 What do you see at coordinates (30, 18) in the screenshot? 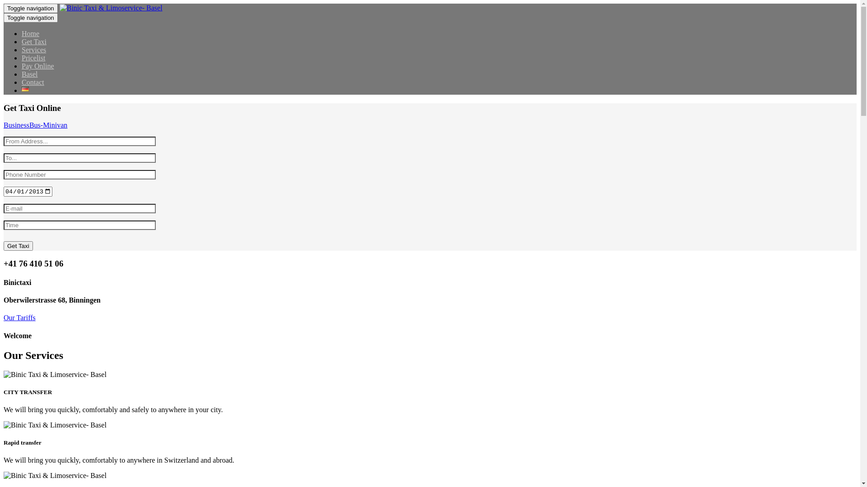
I see `'Toggle navigation'` at bounding box center [30, 18].